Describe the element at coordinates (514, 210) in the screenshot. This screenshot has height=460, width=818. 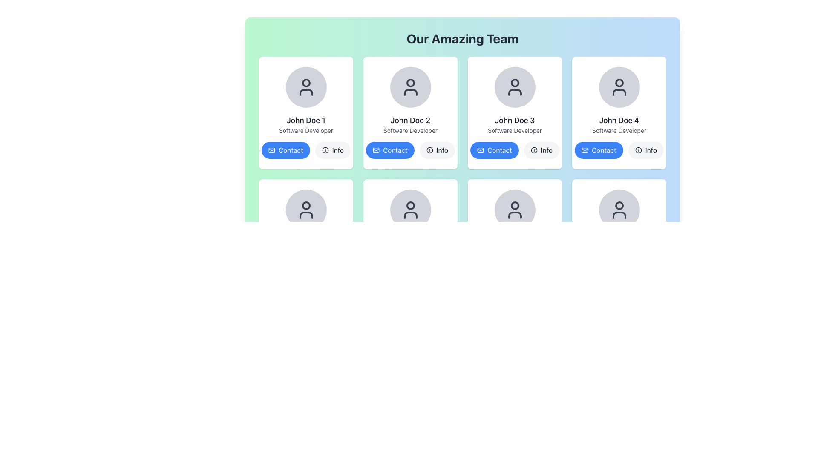
I see `the SVG icon of a user silhouette located in the fifth card of the second row in the 'Our Amazing Team' section` at that location.